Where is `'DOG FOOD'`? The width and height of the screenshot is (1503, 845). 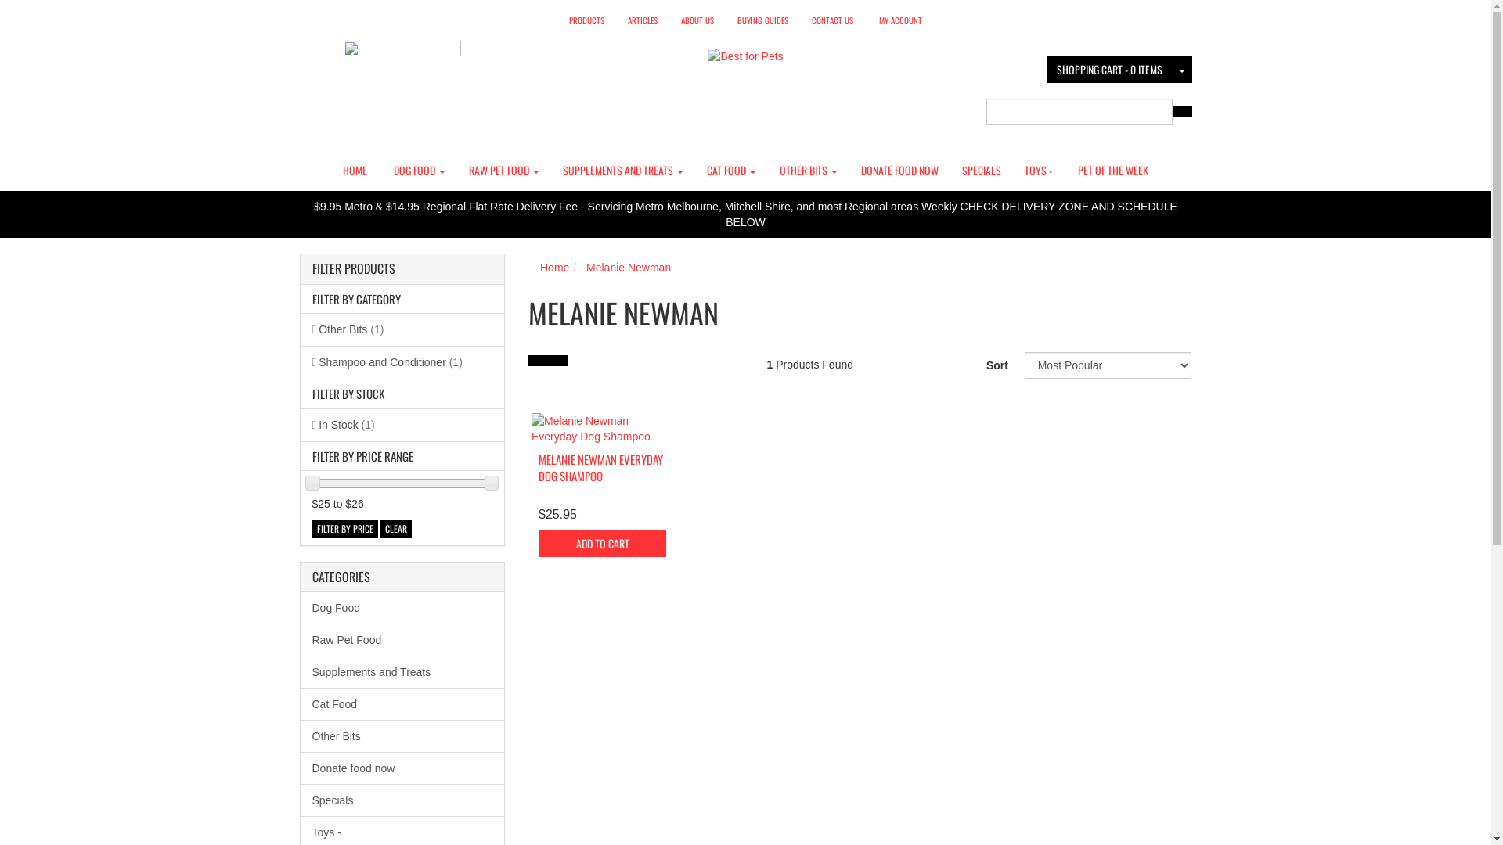
'DOG FOOD' is located at coordinates (420, 171).